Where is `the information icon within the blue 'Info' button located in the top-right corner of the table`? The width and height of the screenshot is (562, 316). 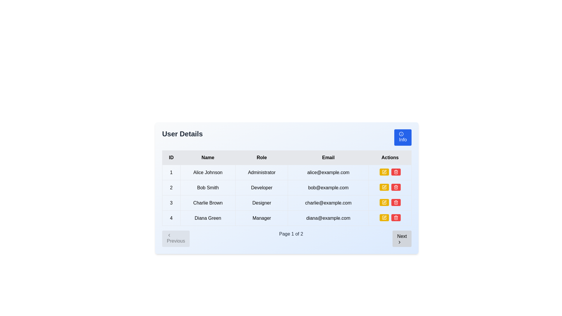
the information icon within the blue 'Info' button located in the top-right corner of the table is located at coordinates (401, 134).